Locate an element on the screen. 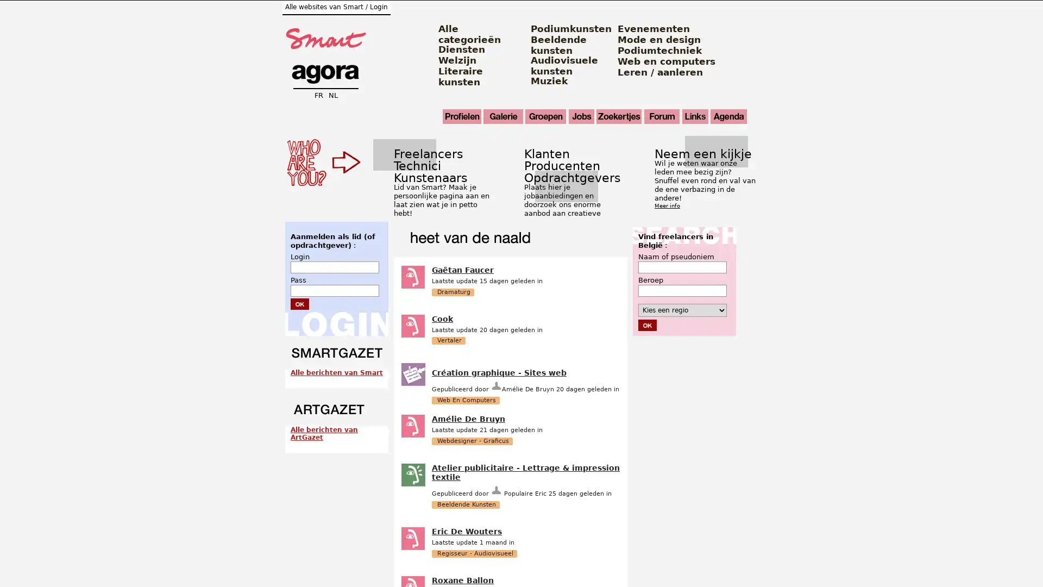  Submit is located at coordinates (647, 324).